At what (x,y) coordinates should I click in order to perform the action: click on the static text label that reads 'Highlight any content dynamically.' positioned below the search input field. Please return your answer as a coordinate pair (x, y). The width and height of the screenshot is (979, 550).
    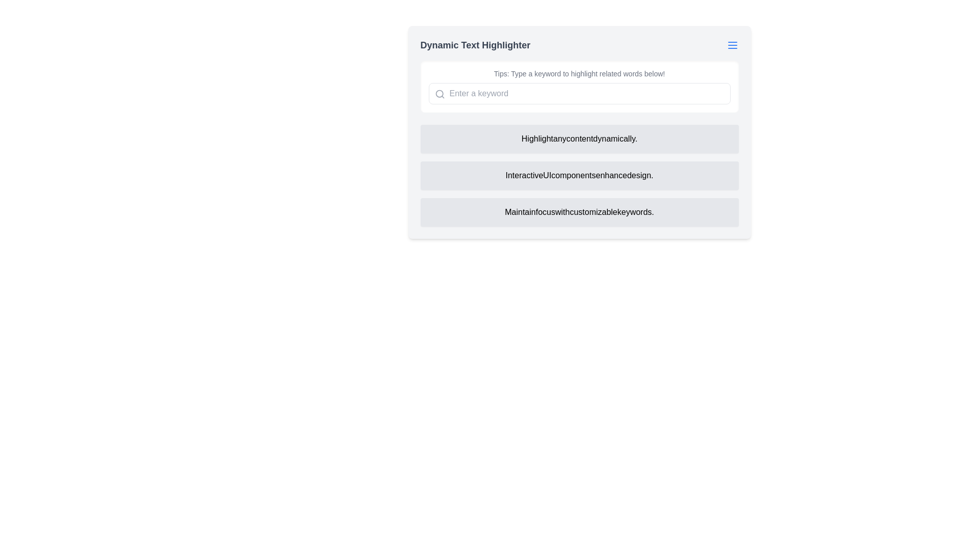
    Looking at the image, I should click on (579, 139).